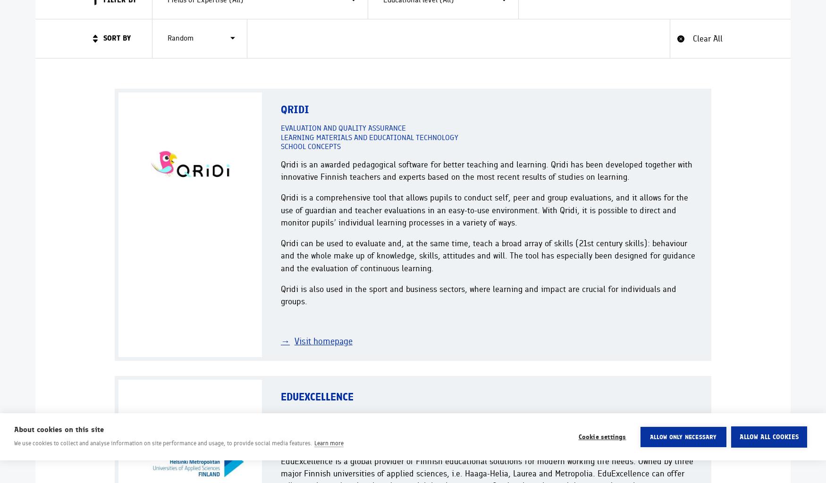 The width and height of the screenshot is (826, 483). I want to click on 'EduExcellence', so click(317, 396).